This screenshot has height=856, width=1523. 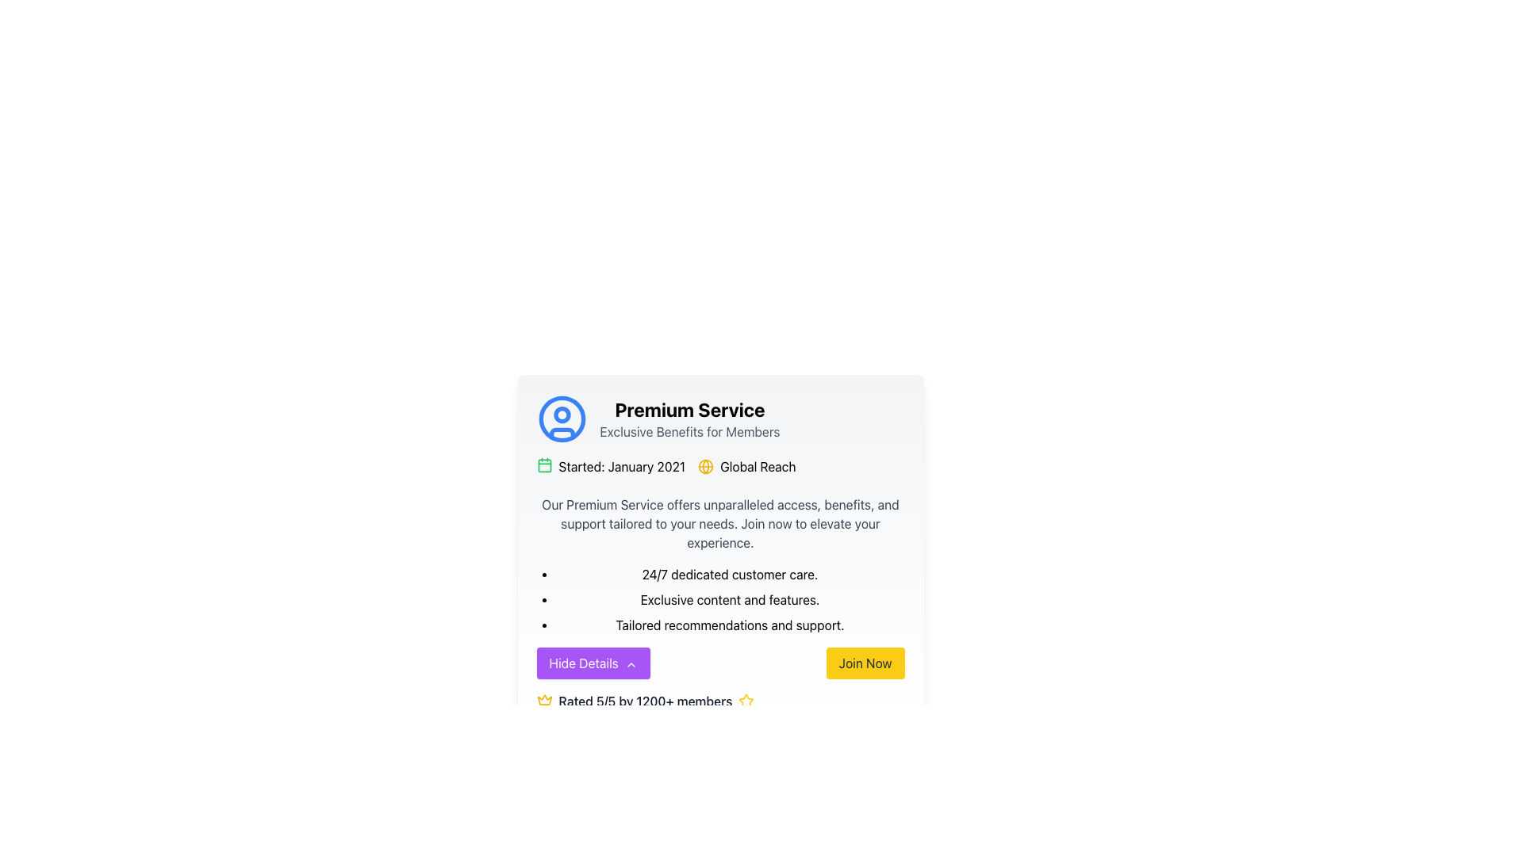 I want to click on text of the 'Global Reach' label, which is a textual component positioned to the right of a yellow globe icon in the top-right section of the content panel, so click(x=757, y=466).